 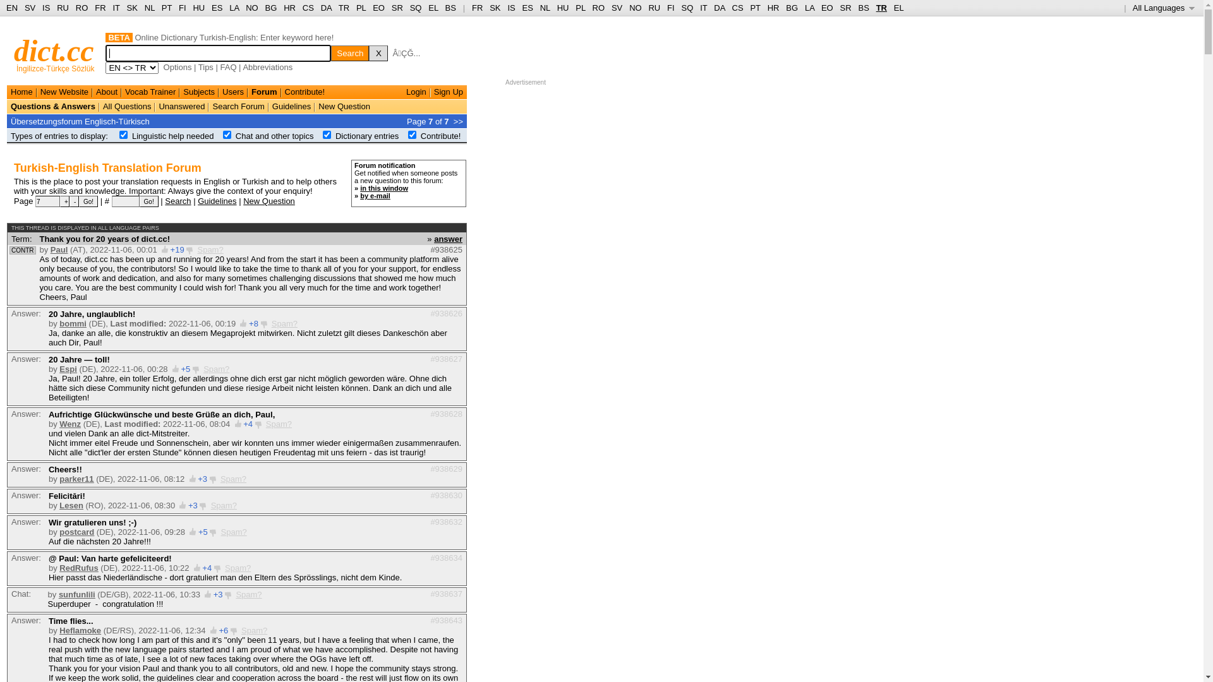 I want to click on 'parker11', so click(x=59, y=479).